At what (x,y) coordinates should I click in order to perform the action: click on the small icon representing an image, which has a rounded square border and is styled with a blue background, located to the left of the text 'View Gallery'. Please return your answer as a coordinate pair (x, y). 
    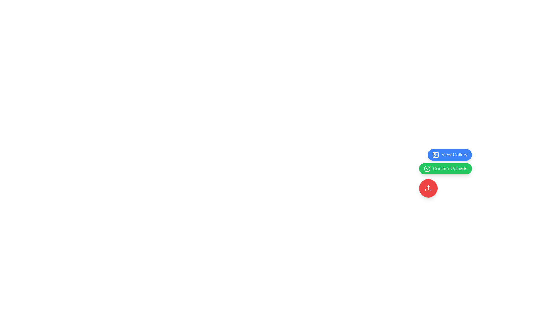
    Looking at the image, I should click on (436, 155).